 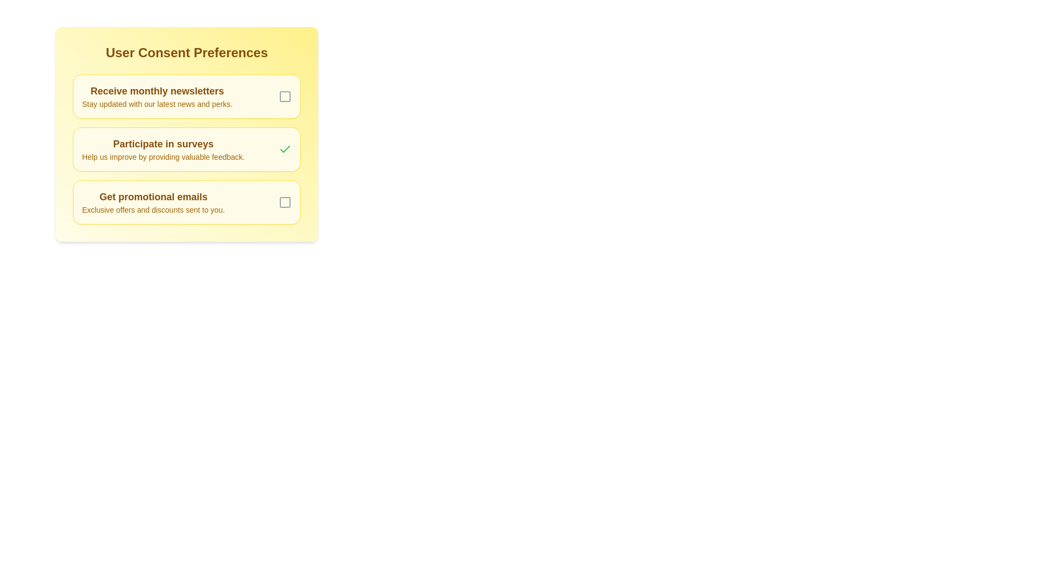 What do you see at coordinates (153, 197) in the screenshot?
I see `the bold text label 'Get promotional emails' which is colored yellow-brown and positioned above the text 'Exclusive offers and discounts sent to you.' in the 'User Consent Preferences' card` at bounding box center [153, 197].